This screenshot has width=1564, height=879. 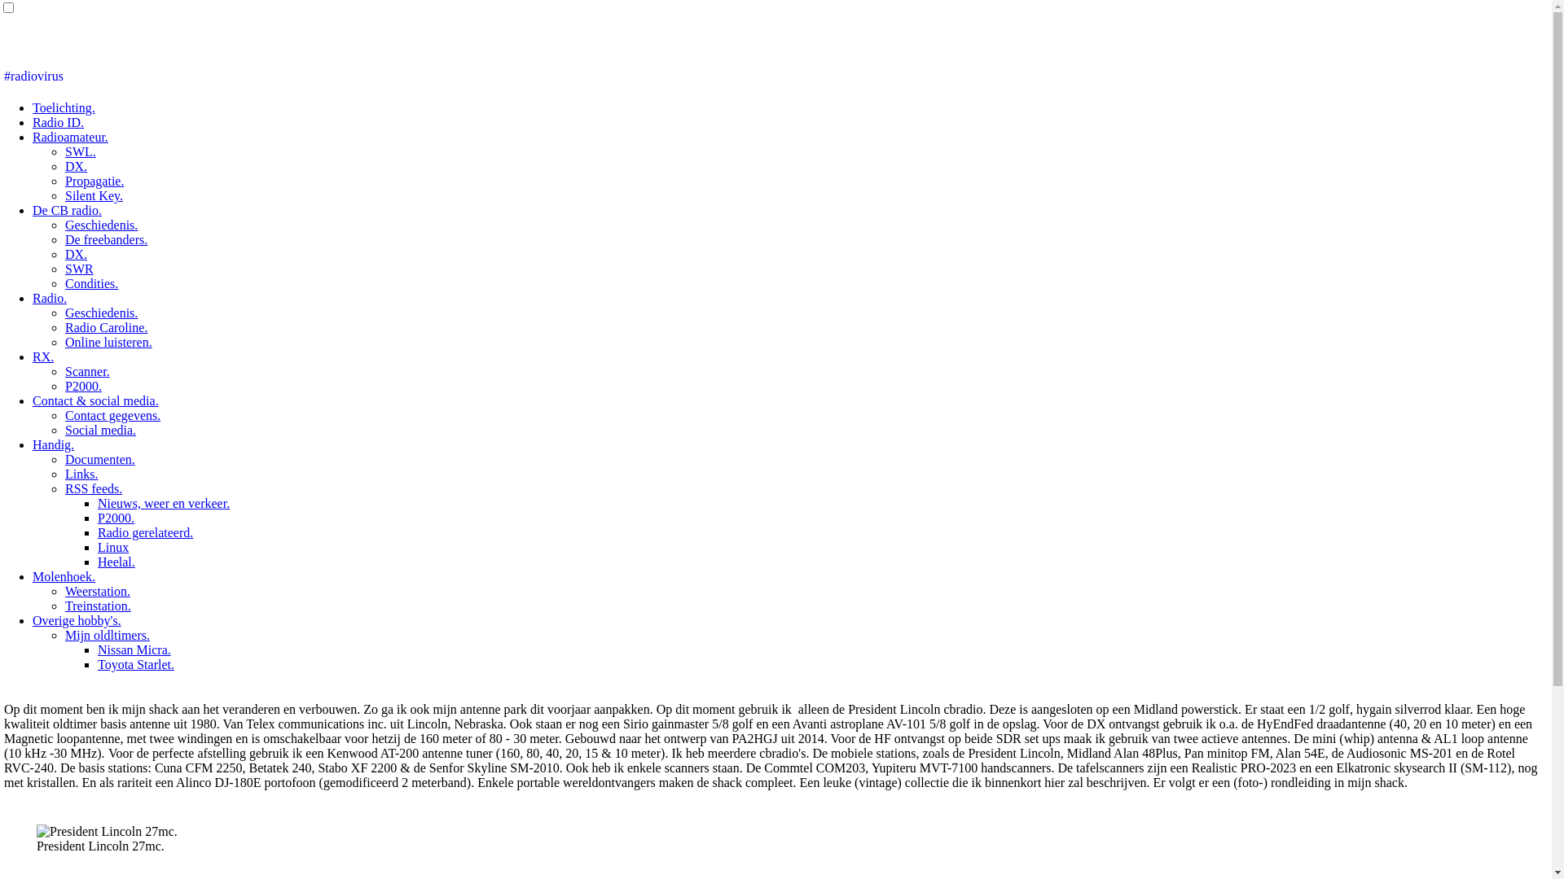 What do you see at coordinates (93, 195) in the screenshot?
I see `'Silent Key.'` at bounding box center [93, 195].